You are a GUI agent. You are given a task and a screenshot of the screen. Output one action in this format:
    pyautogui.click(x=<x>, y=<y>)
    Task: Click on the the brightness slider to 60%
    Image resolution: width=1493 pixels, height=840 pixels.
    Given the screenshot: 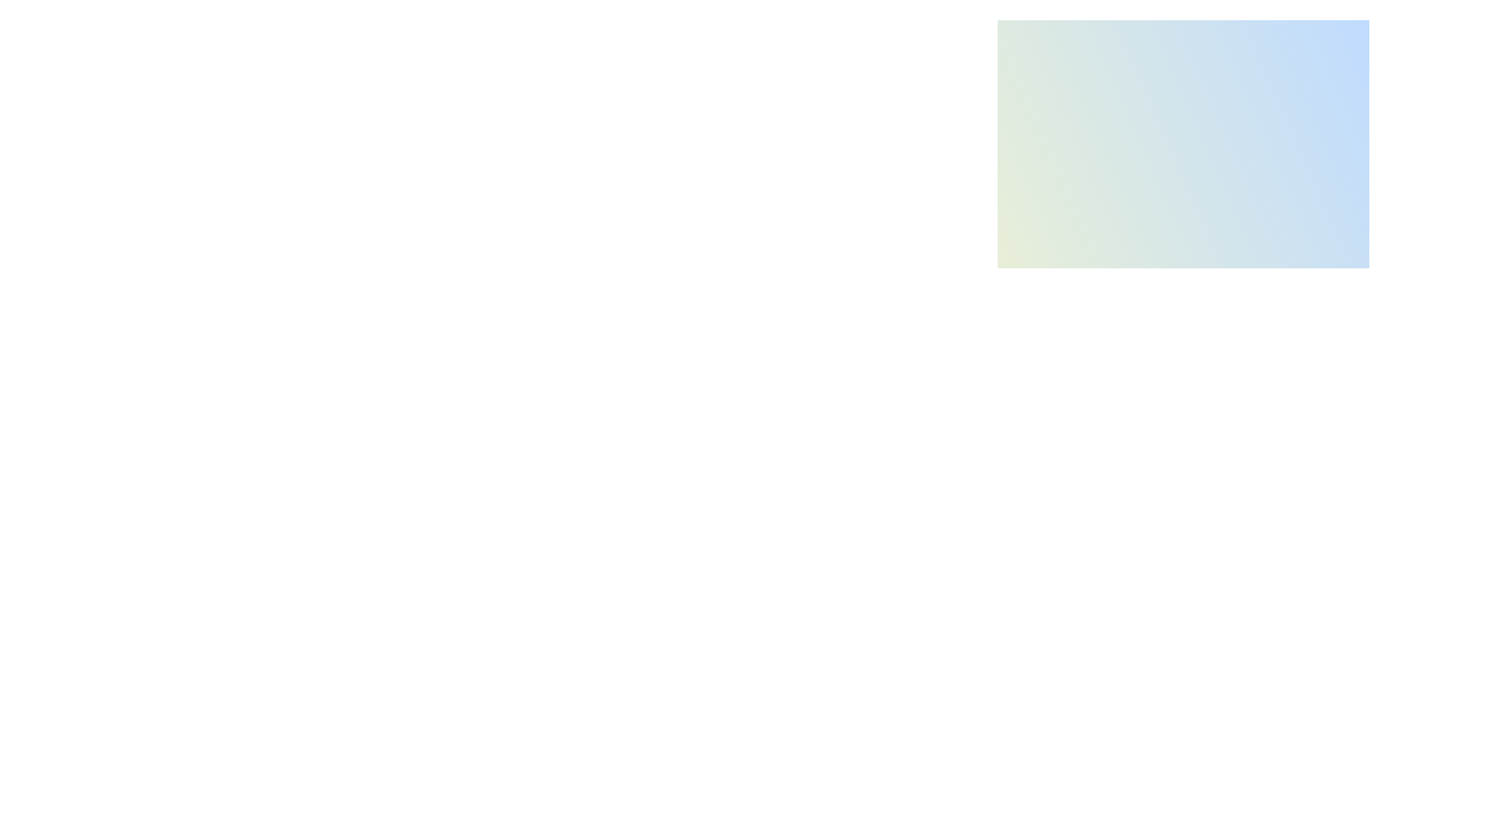 What is the action you would take?
    pyautogui.click(x=1205, y=381)
    